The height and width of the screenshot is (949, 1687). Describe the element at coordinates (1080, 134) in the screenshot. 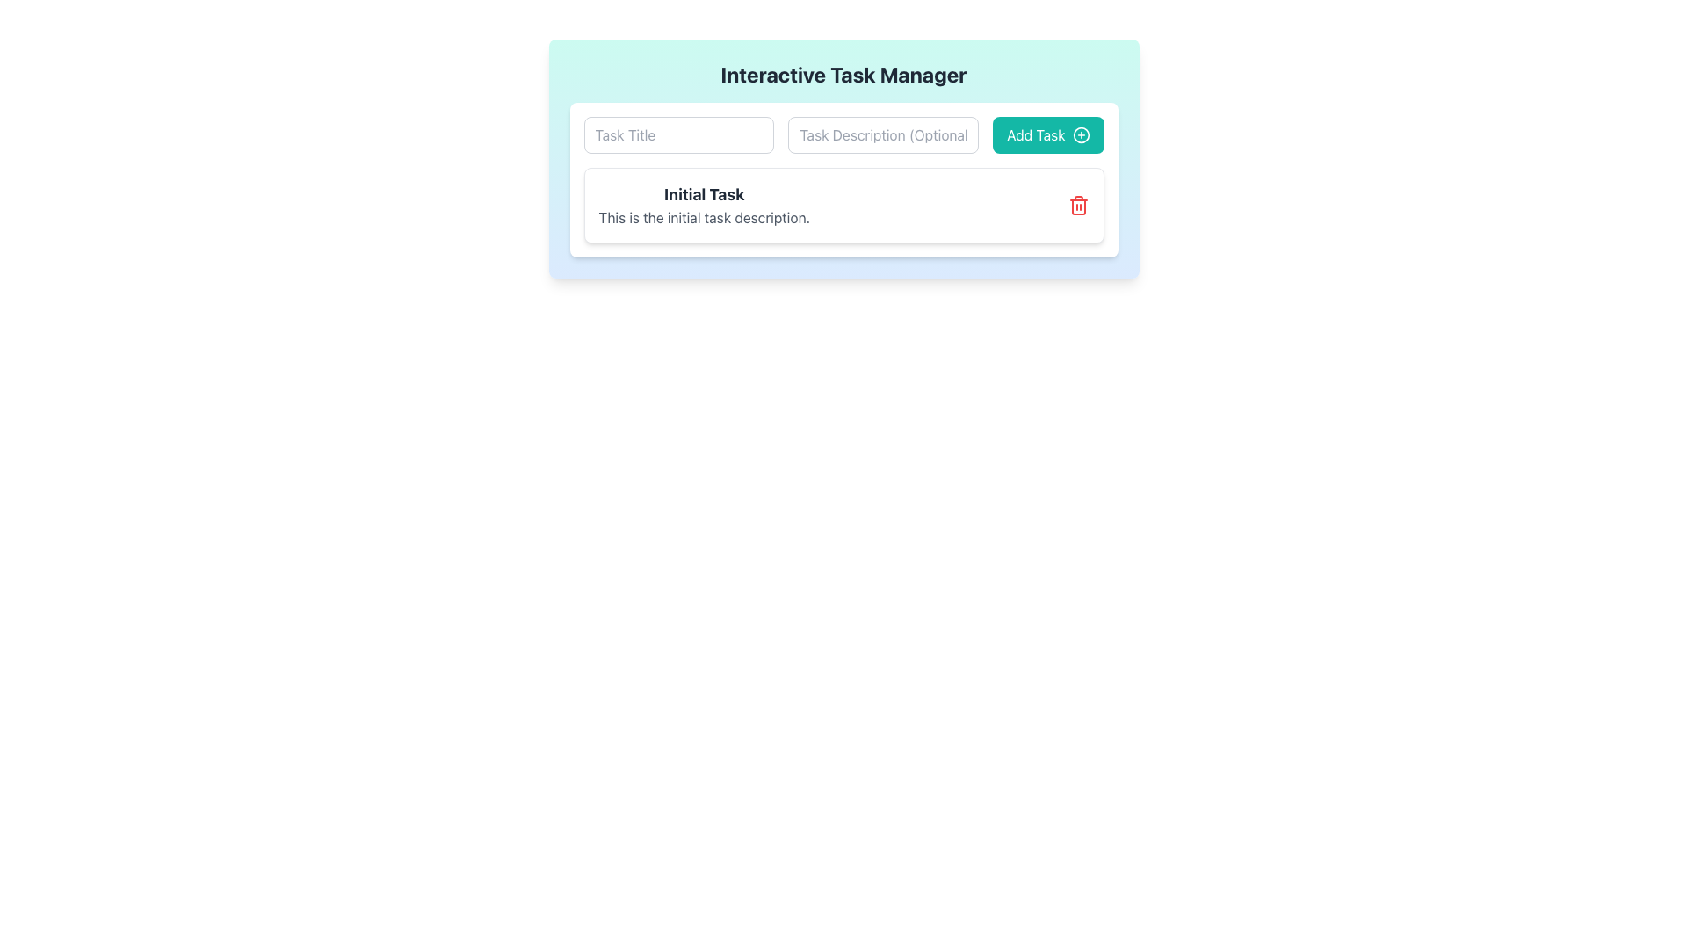

I see `the circular vector graphic within the SVG icon that indicates the 'Add Task' functionality, located at the top-right section of the interface` at that location.